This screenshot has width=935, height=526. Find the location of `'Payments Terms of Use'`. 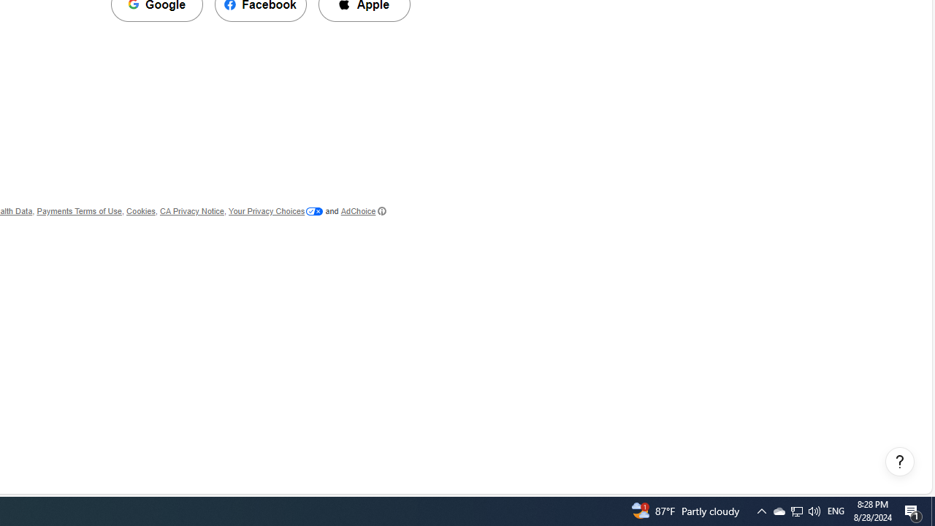

'Payments Terms of Use' is located at coordinates (78, 211).